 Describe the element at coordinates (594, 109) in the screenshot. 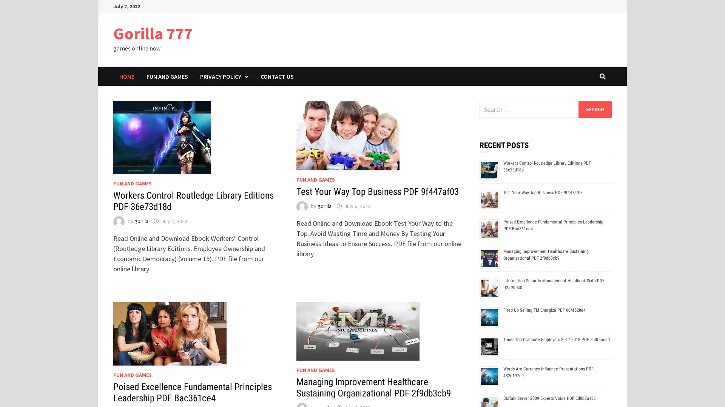

I see `Search` at that location.